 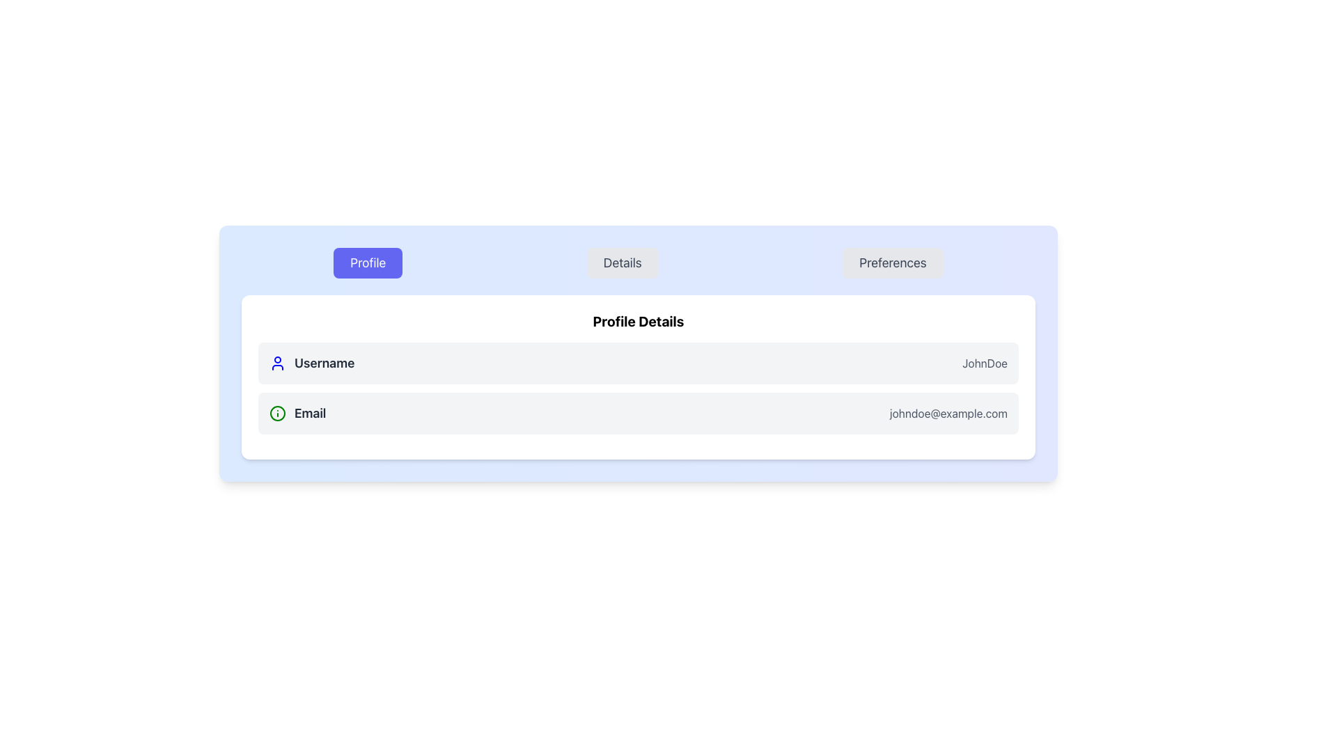 What do you see at coordinates (324, 362) in the screenshot?
I see `the 'Username' text label, which is styled with a gray bold font and located to the right of a blue user icon in the profile details section` at bounding box center [324, 362].